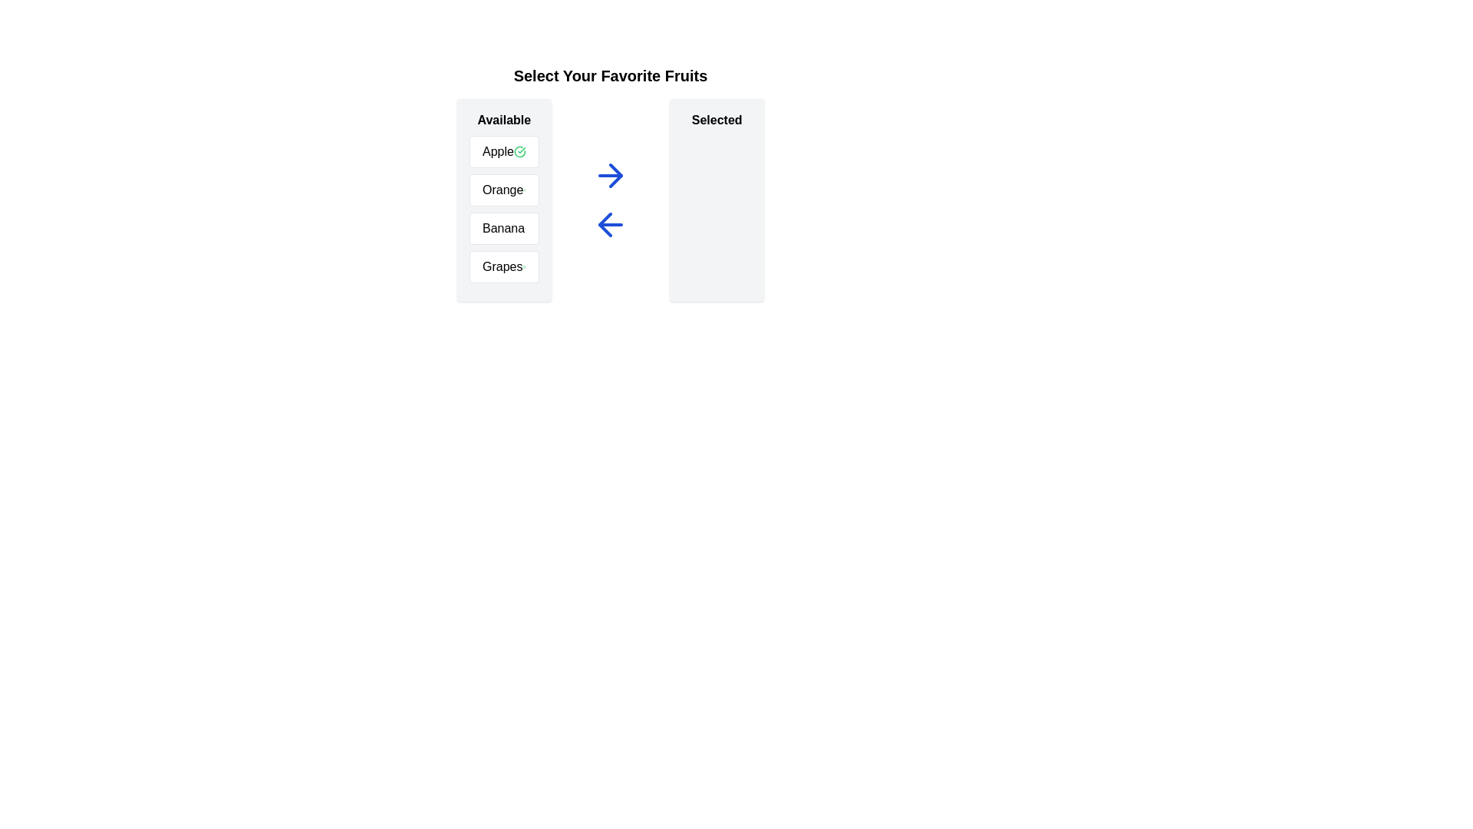 The width and height of the screenshot is (1473, 829). I want to click on the text of the available item 'Banana' to select it, so click(504, 228).